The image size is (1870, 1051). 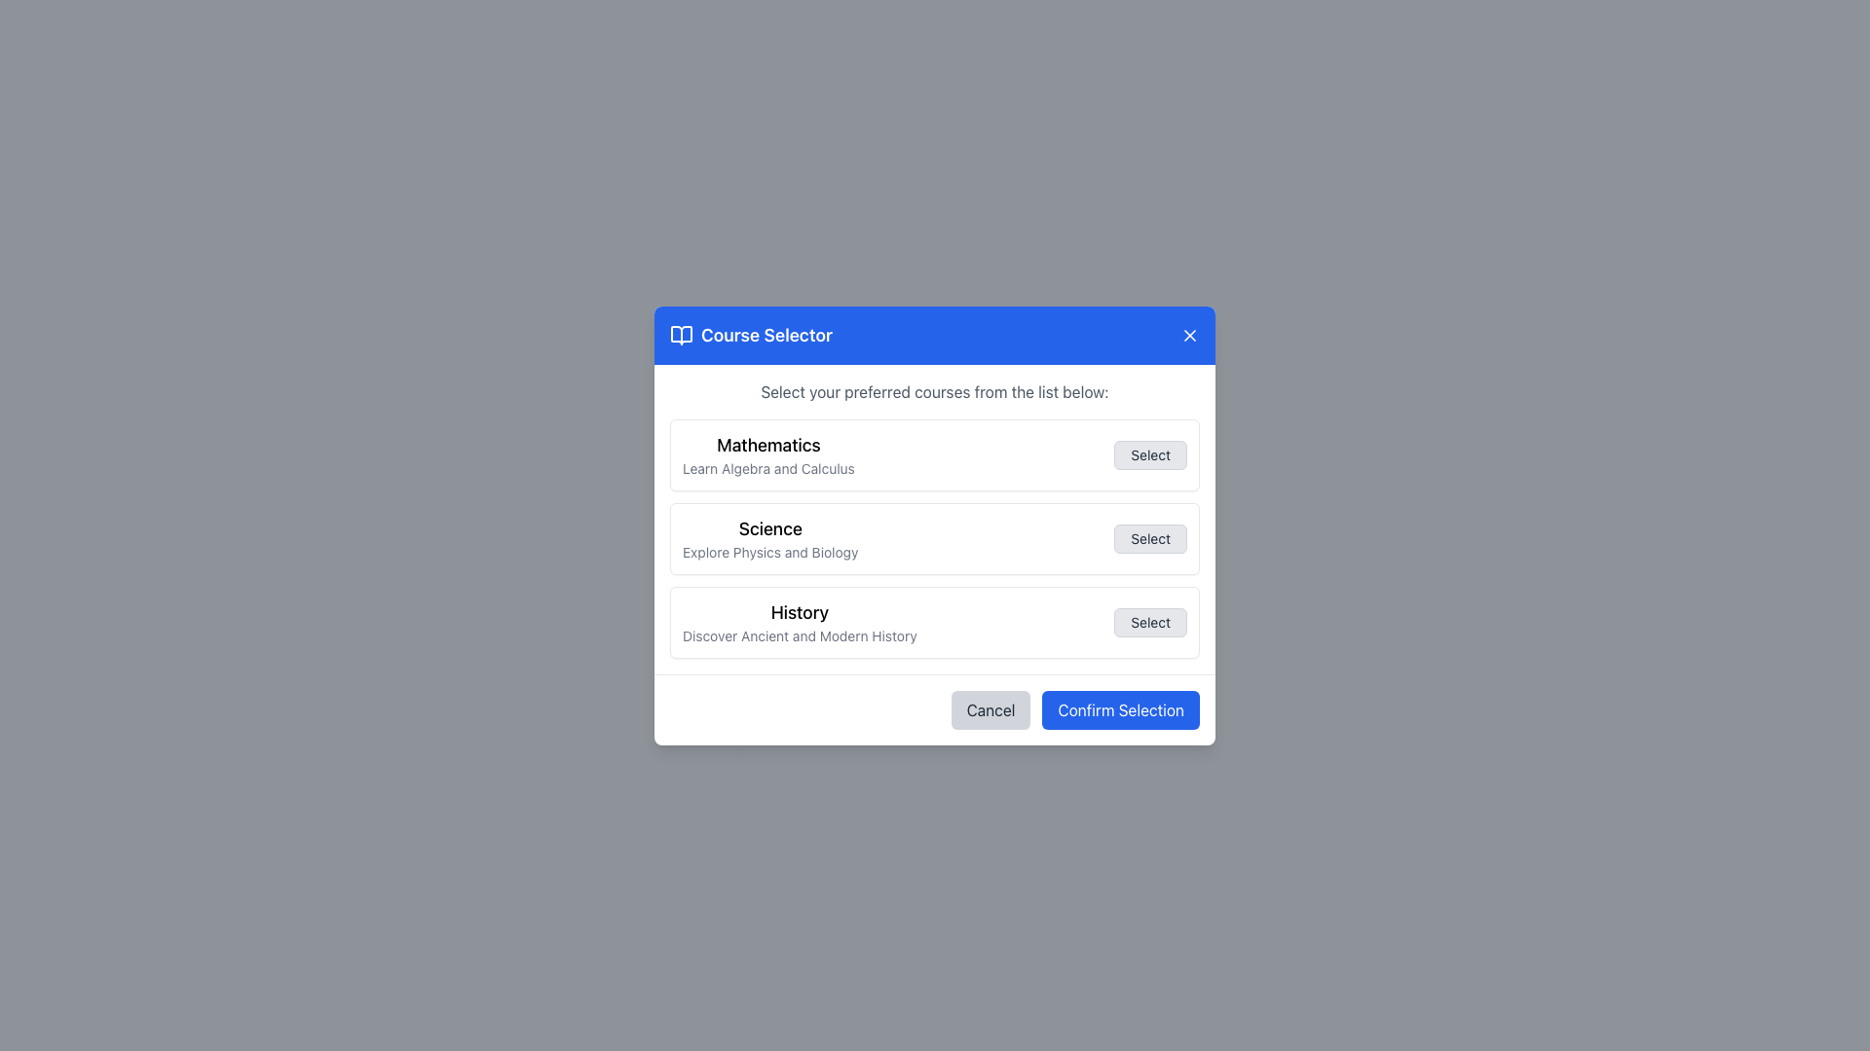 I want to click on the action button located on the right side of the 'Science' row, aligned with the text 'Explore Physics and Biology', so click(x=1150, y=538).